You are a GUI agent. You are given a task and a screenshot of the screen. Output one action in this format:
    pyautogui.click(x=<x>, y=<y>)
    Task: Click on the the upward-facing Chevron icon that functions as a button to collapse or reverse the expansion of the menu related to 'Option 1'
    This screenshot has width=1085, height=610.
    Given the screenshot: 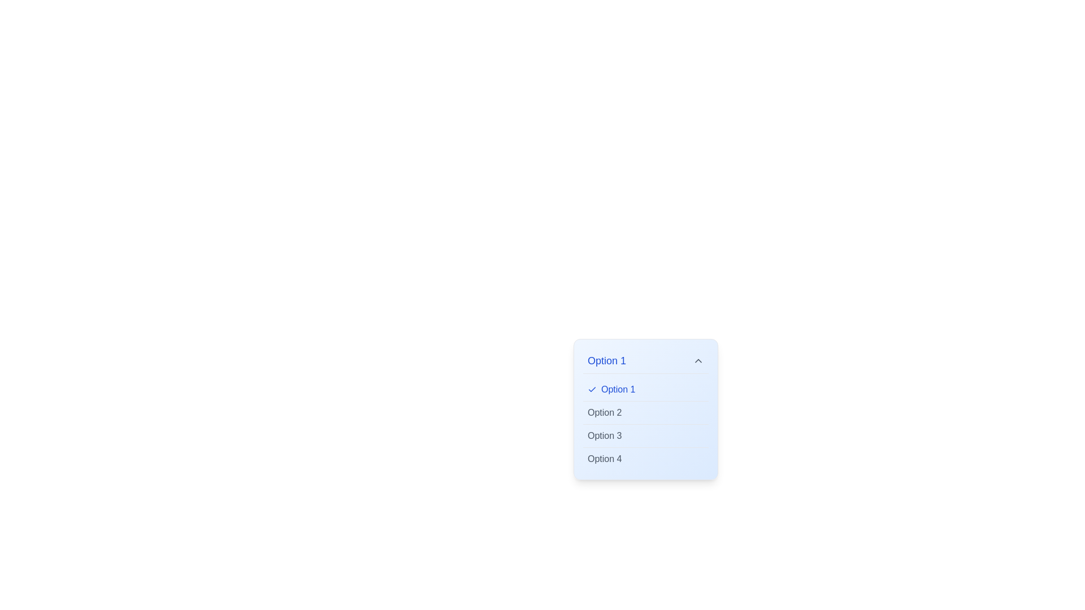 What is the action you would take?
    pyautogui.click(x=698, y=361)
    